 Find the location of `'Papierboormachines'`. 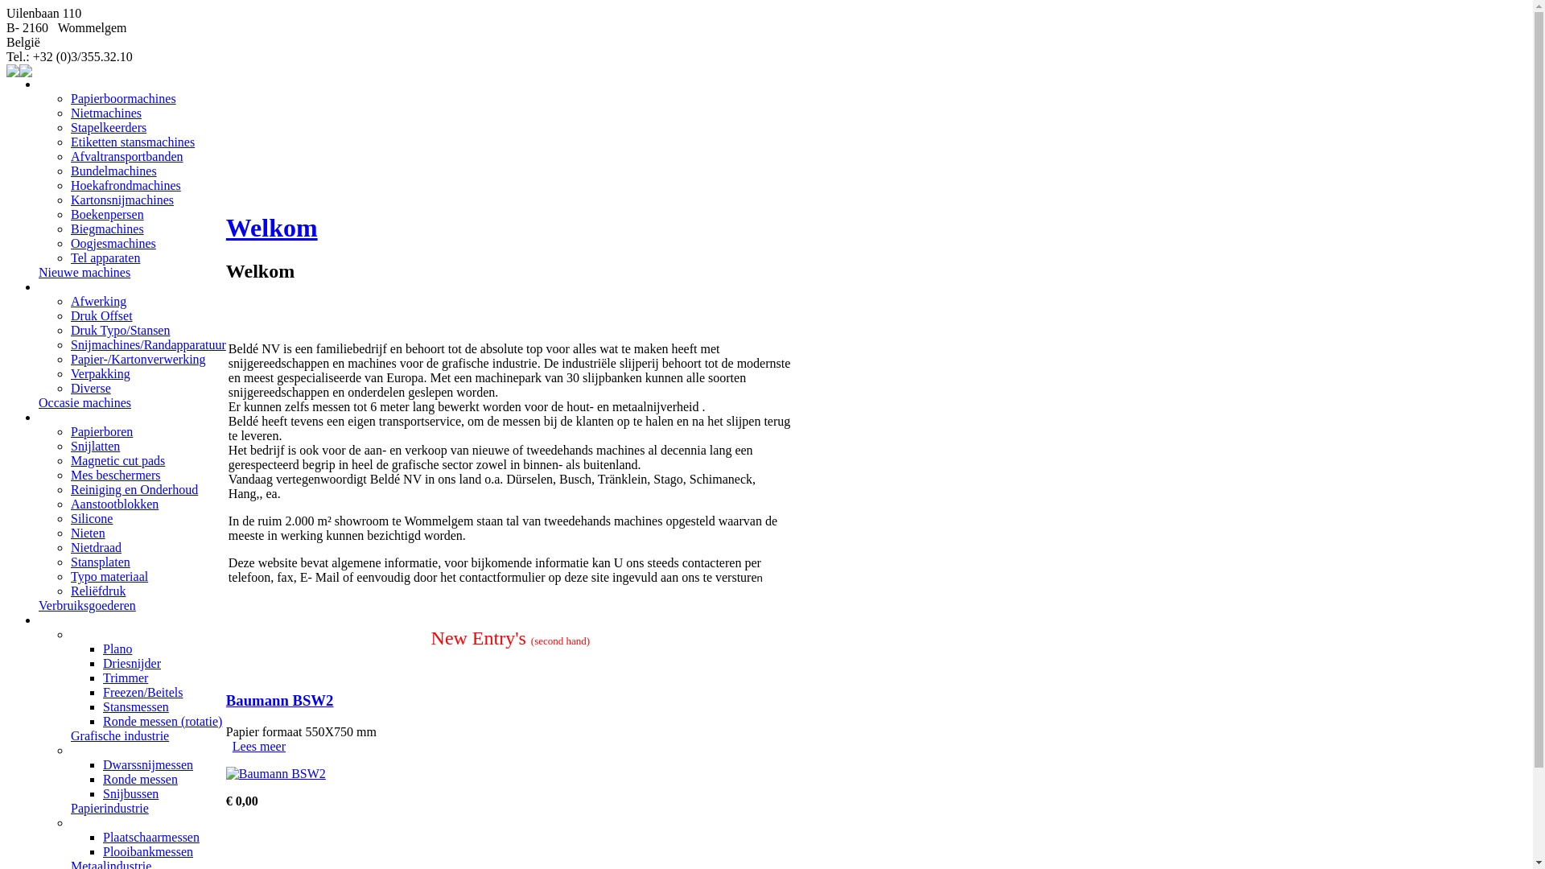

'Papierboormachines' is located at coordinates (69, 98).